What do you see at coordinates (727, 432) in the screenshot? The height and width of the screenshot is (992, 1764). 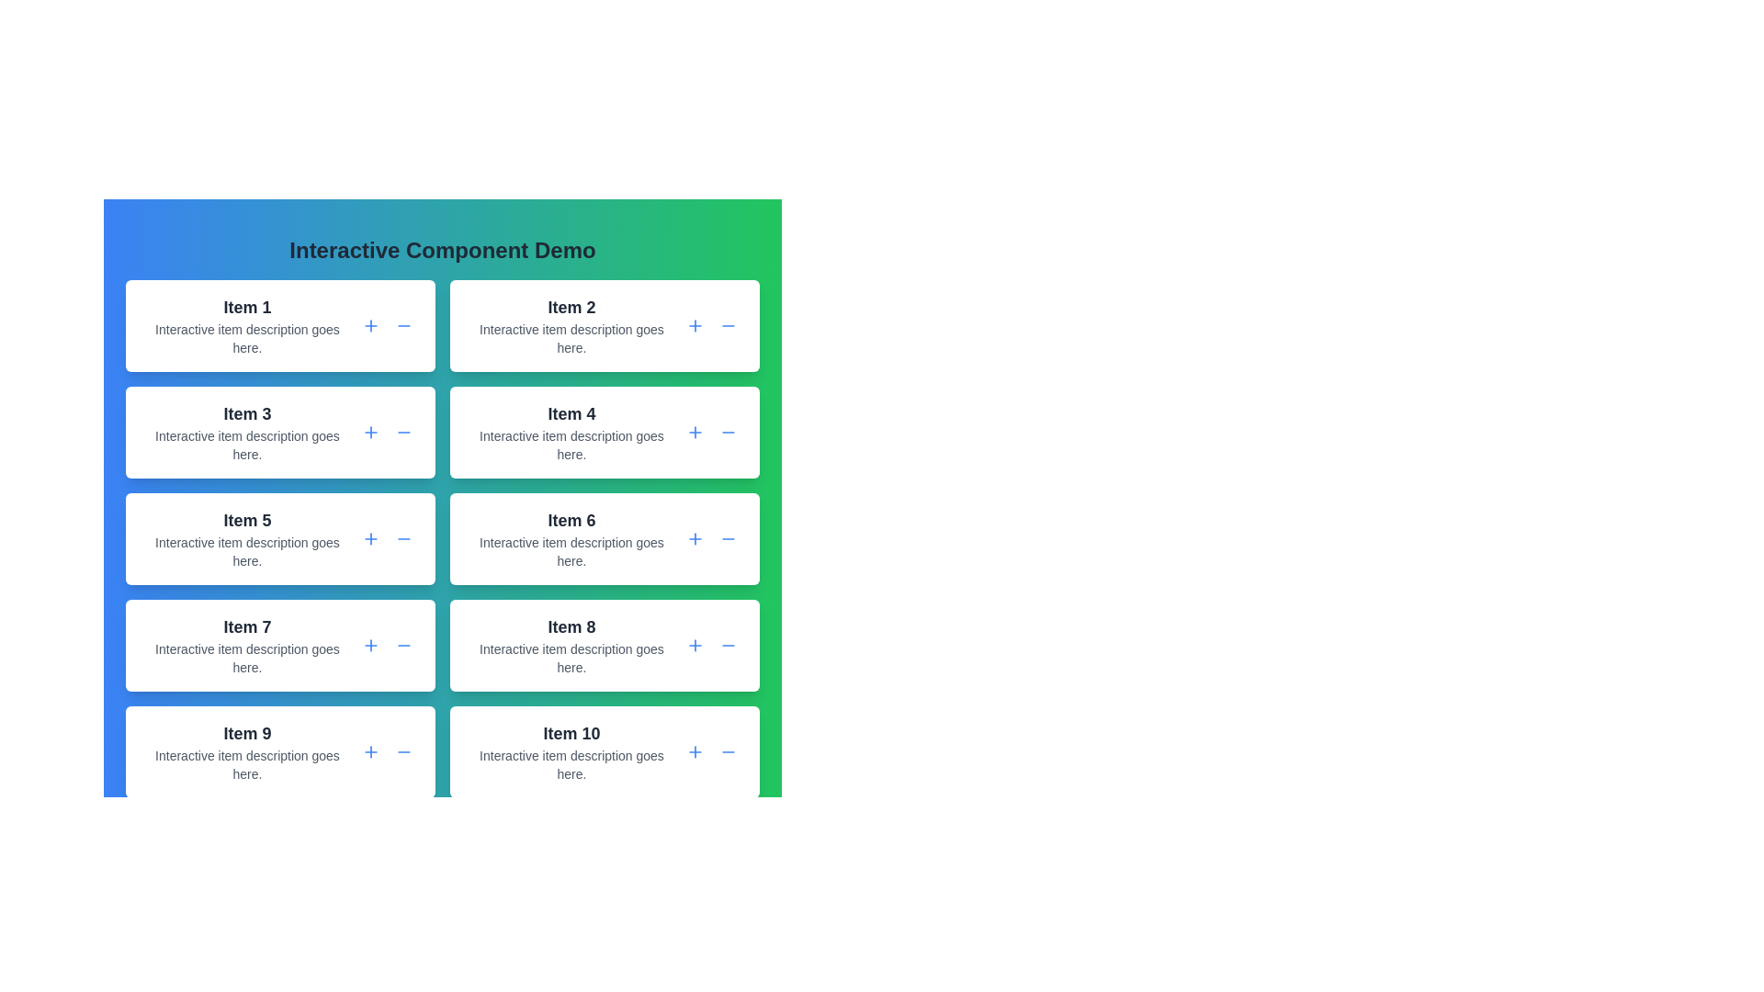 I see `the decrement button located within the 'Item 4' card` at bounding box center [727, 432].